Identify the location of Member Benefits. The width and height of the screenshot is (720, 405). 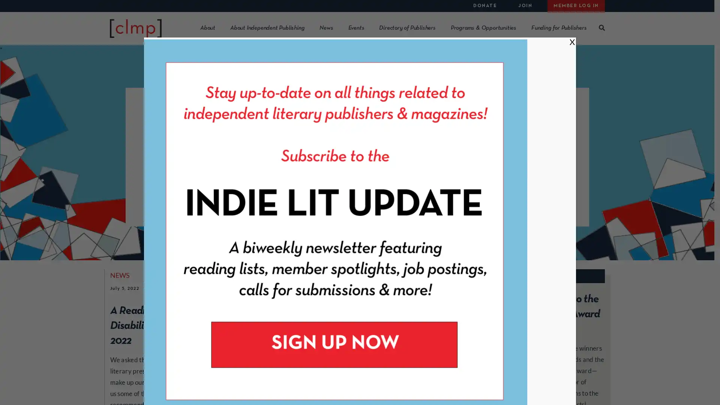
(533, 161).